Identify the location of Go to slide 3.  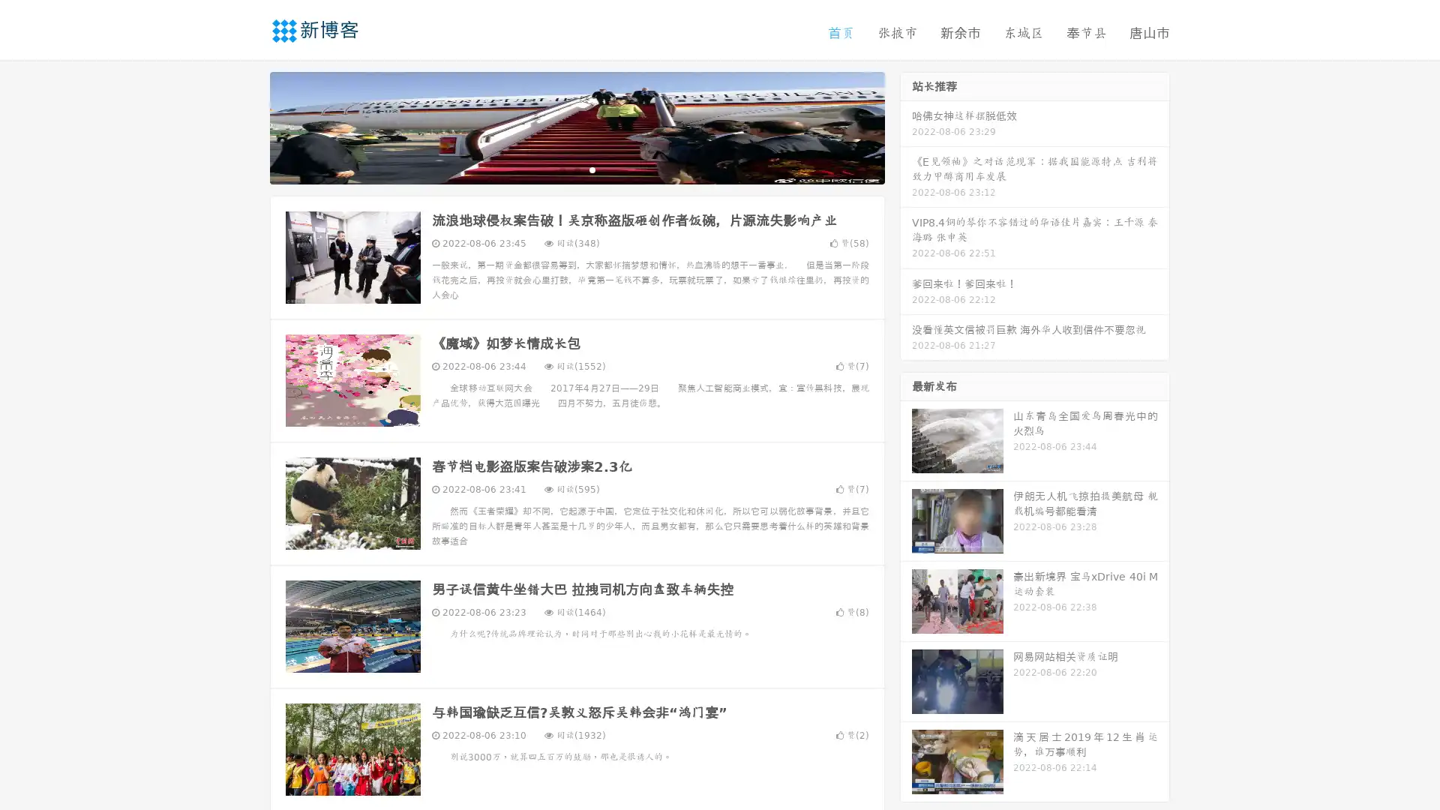
(592, 169).